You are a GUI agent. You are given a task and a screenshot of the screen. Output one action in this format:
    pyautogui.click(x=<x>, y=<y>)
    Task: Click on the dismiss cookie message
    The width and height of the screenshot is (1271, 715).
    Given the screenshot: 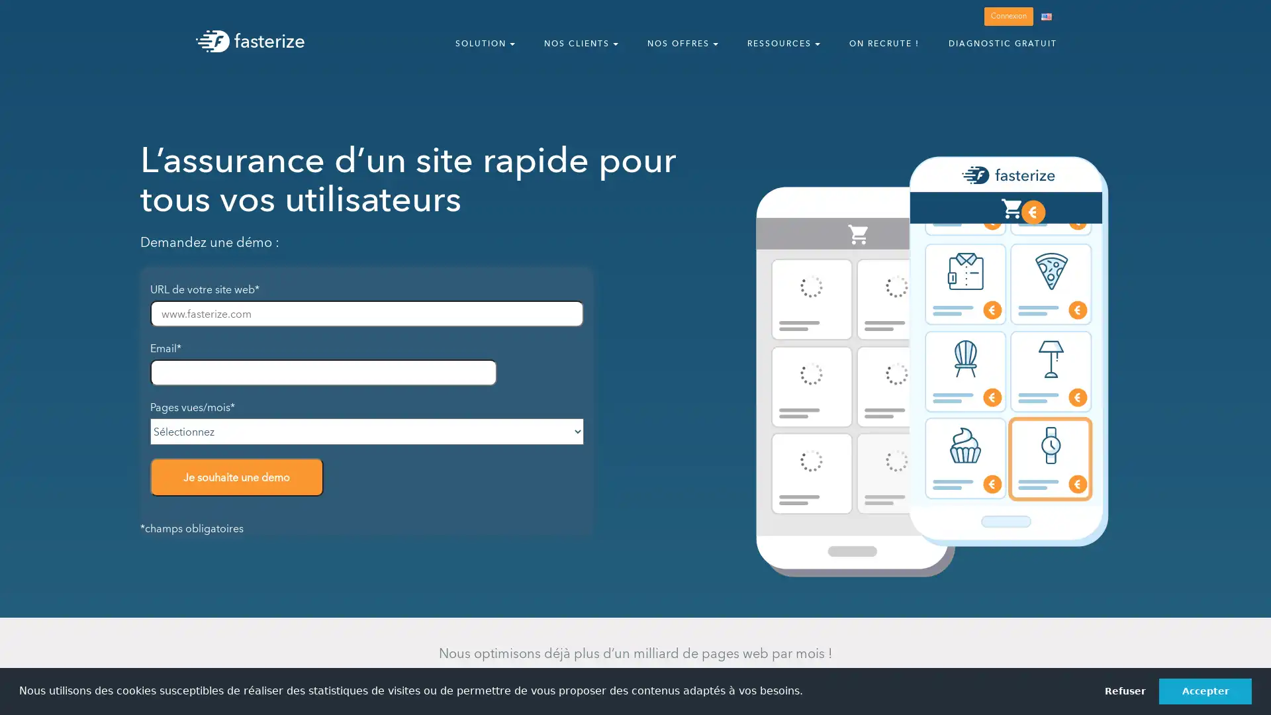 What is the action you would take?
    pyautogui.click(x=1124, y=691)
    